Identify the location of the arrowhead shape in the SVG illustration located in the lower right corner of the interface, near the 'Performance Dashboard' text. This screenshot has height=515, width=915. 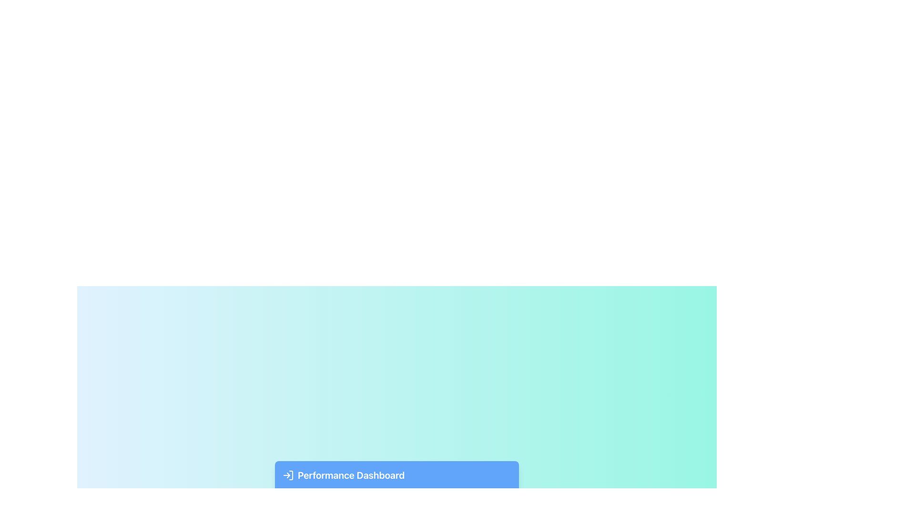
(288, 475).